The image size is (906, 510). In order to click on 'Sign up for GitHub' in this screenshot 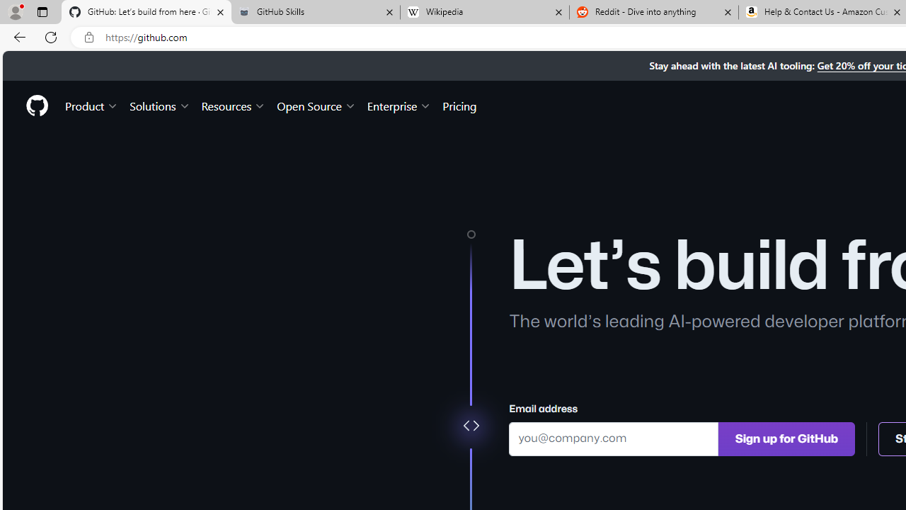, I will do `click(786, 438)`.